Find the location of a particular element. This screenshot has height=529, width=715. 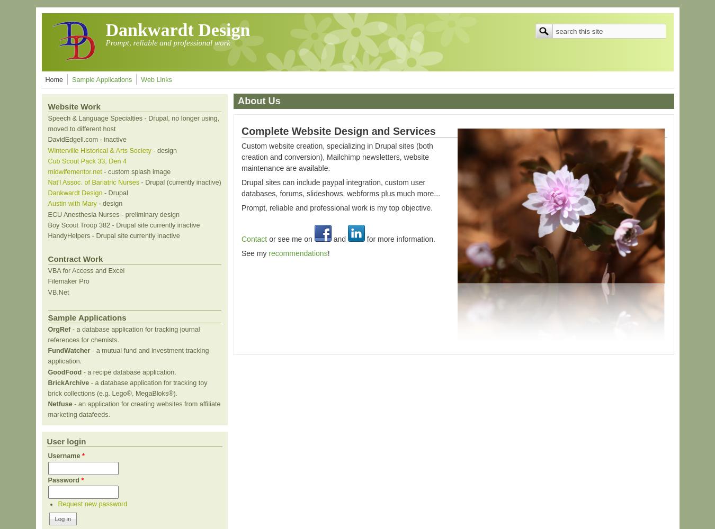

'Website Work' is located at coordinates (47, 106).